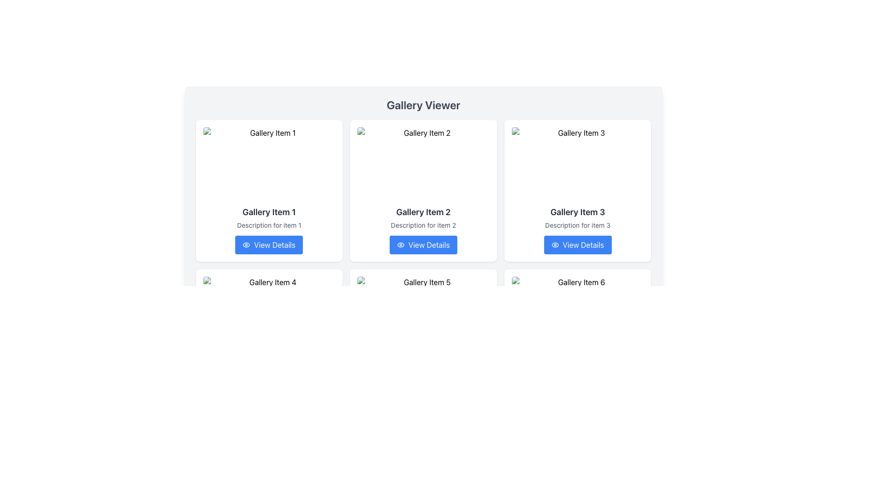 This screenshot has height=504, width=896. What do you see at coordinates (577, 244) in the screenshot?
I see `the interactive button located at the bottom of the third gallery item card in the third column` at bounding box center [577, 244].